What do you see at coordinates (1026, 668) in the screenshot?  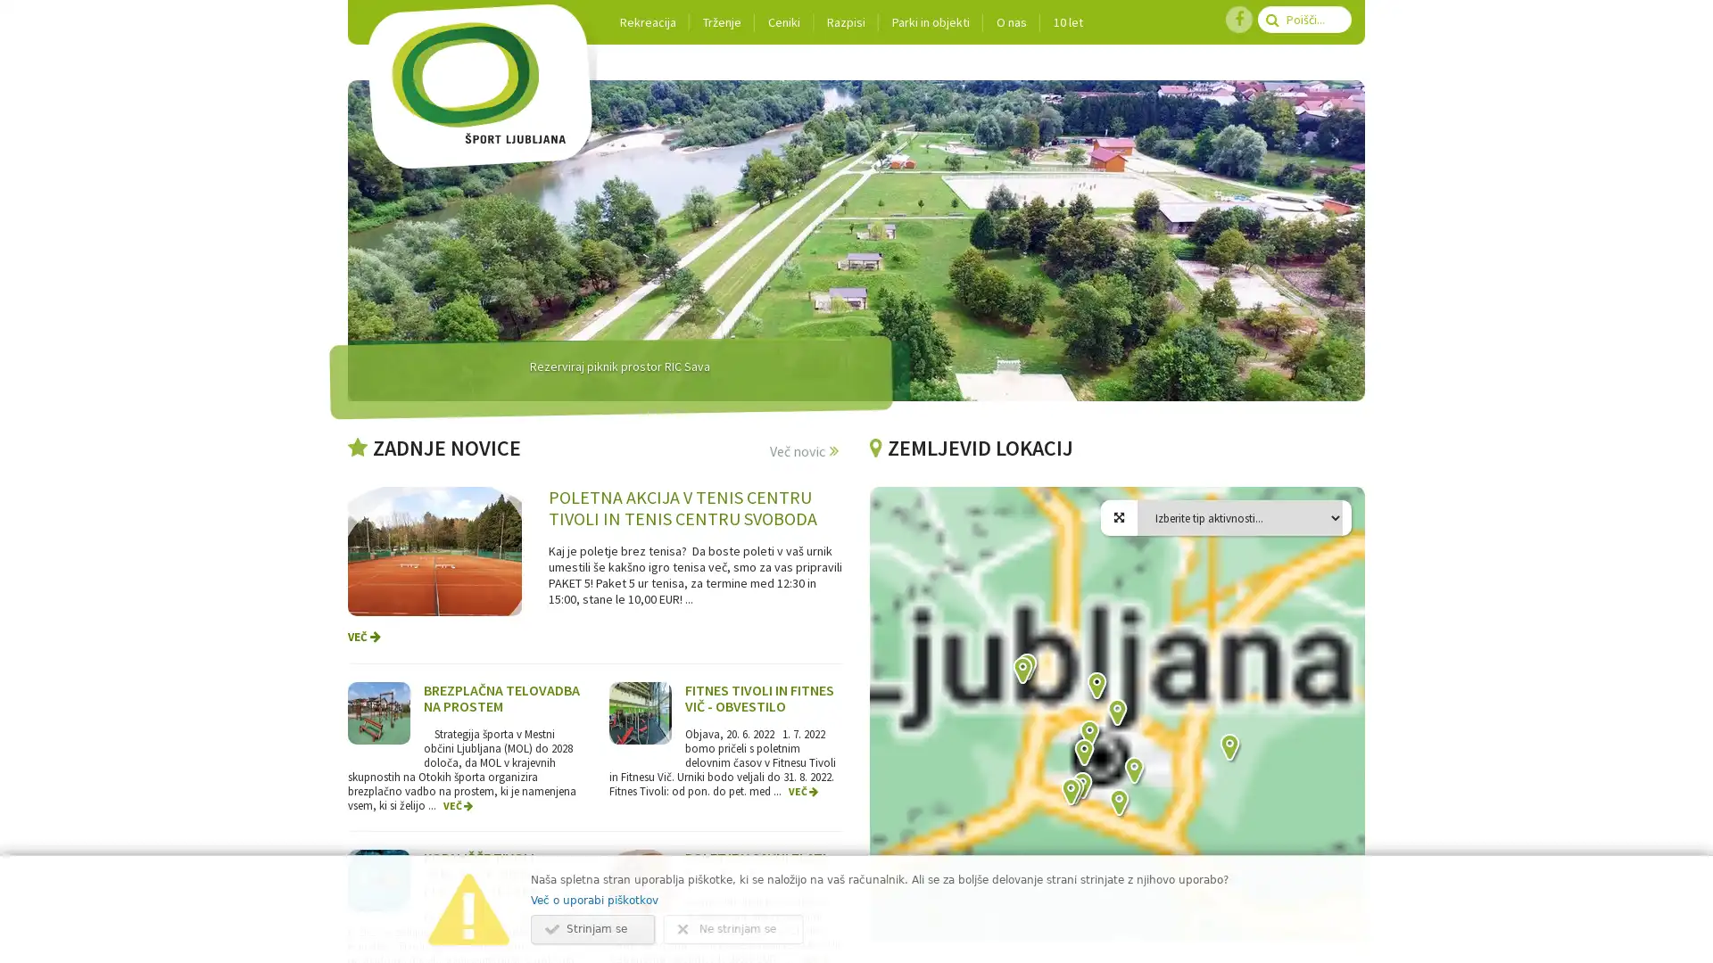 I see `Kako do nas?` at bounding box center [1026, 668].